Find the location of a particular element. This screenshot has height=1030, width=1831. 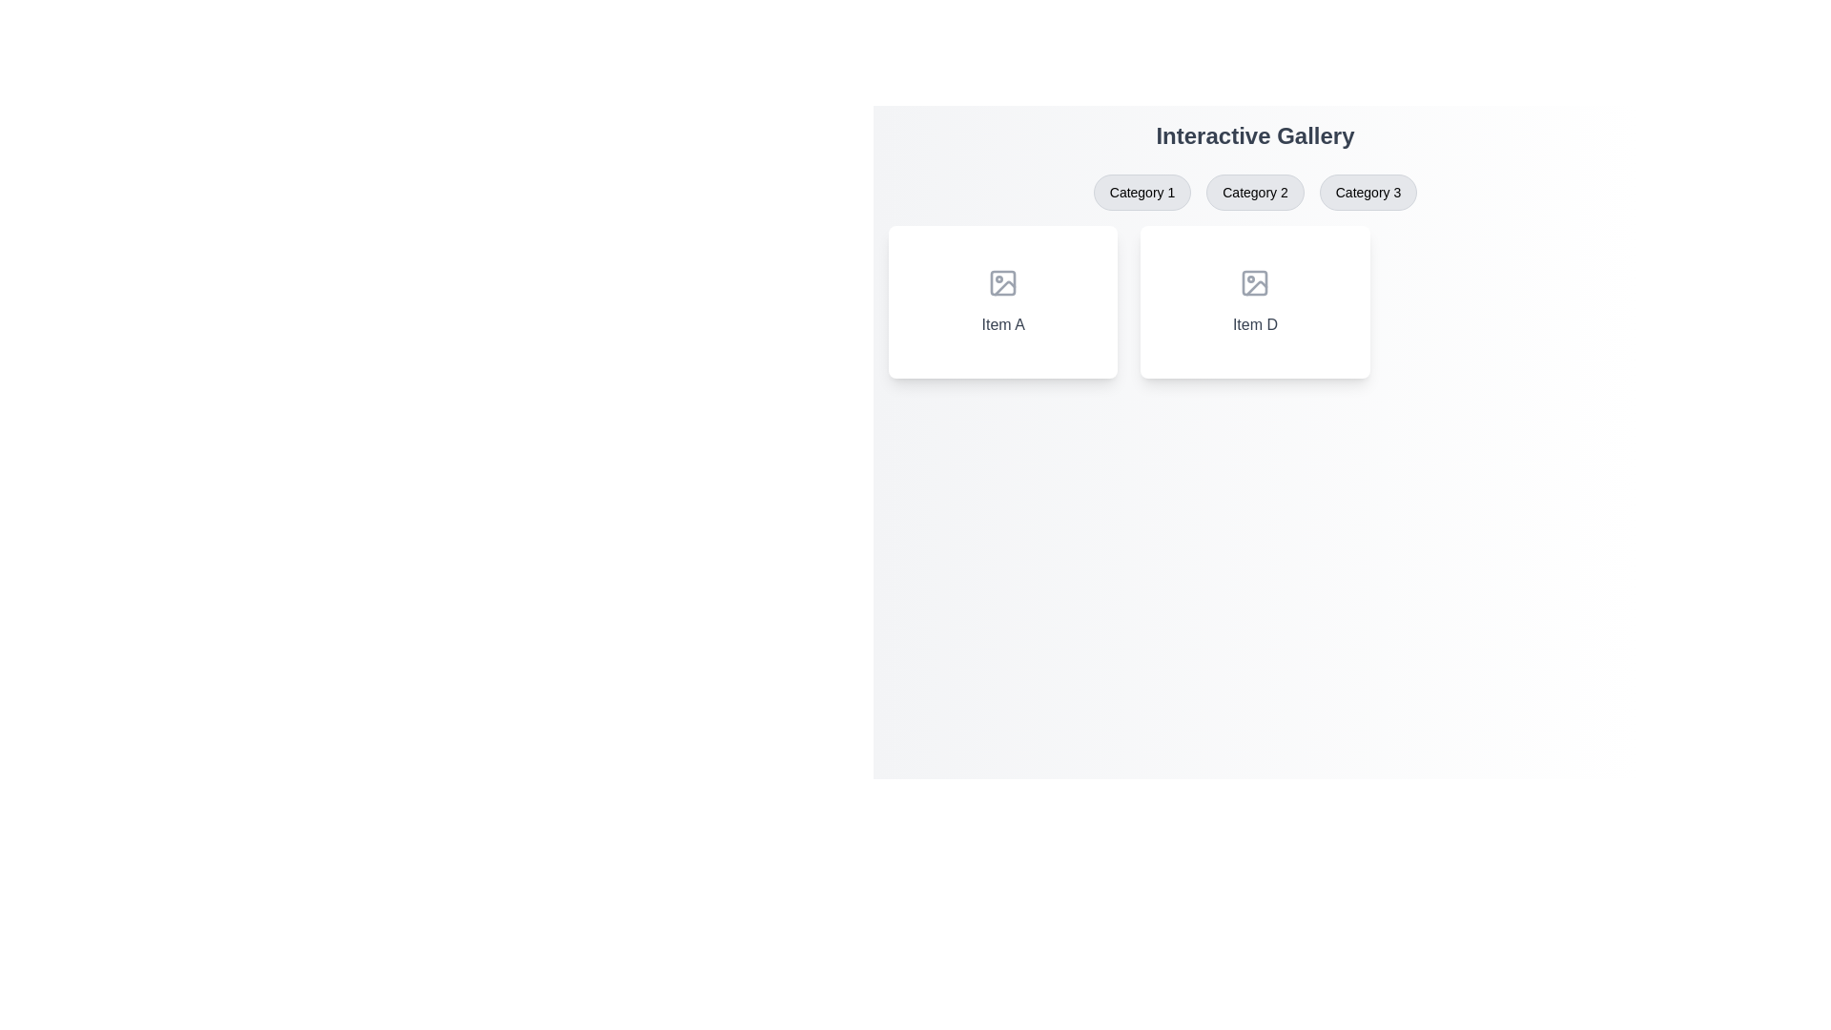

the square icon representing an image placeholder located at the center of 'Item A' in the gallery section is located at coordinates (1002, 283).